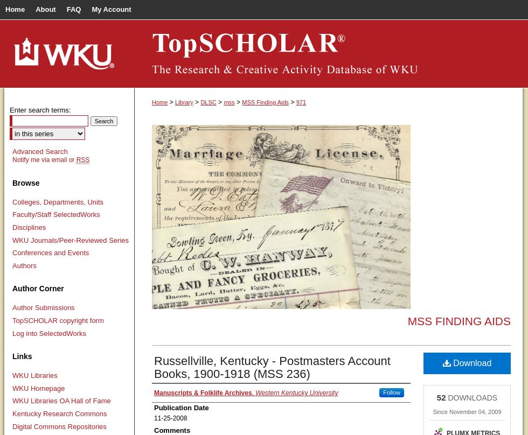 This screenshot has width=528, height=435. What do you see at coordinates (467, 411) in the screenshot?
I see `'Since November 04, 2009'` at bounding box center [467, 411].